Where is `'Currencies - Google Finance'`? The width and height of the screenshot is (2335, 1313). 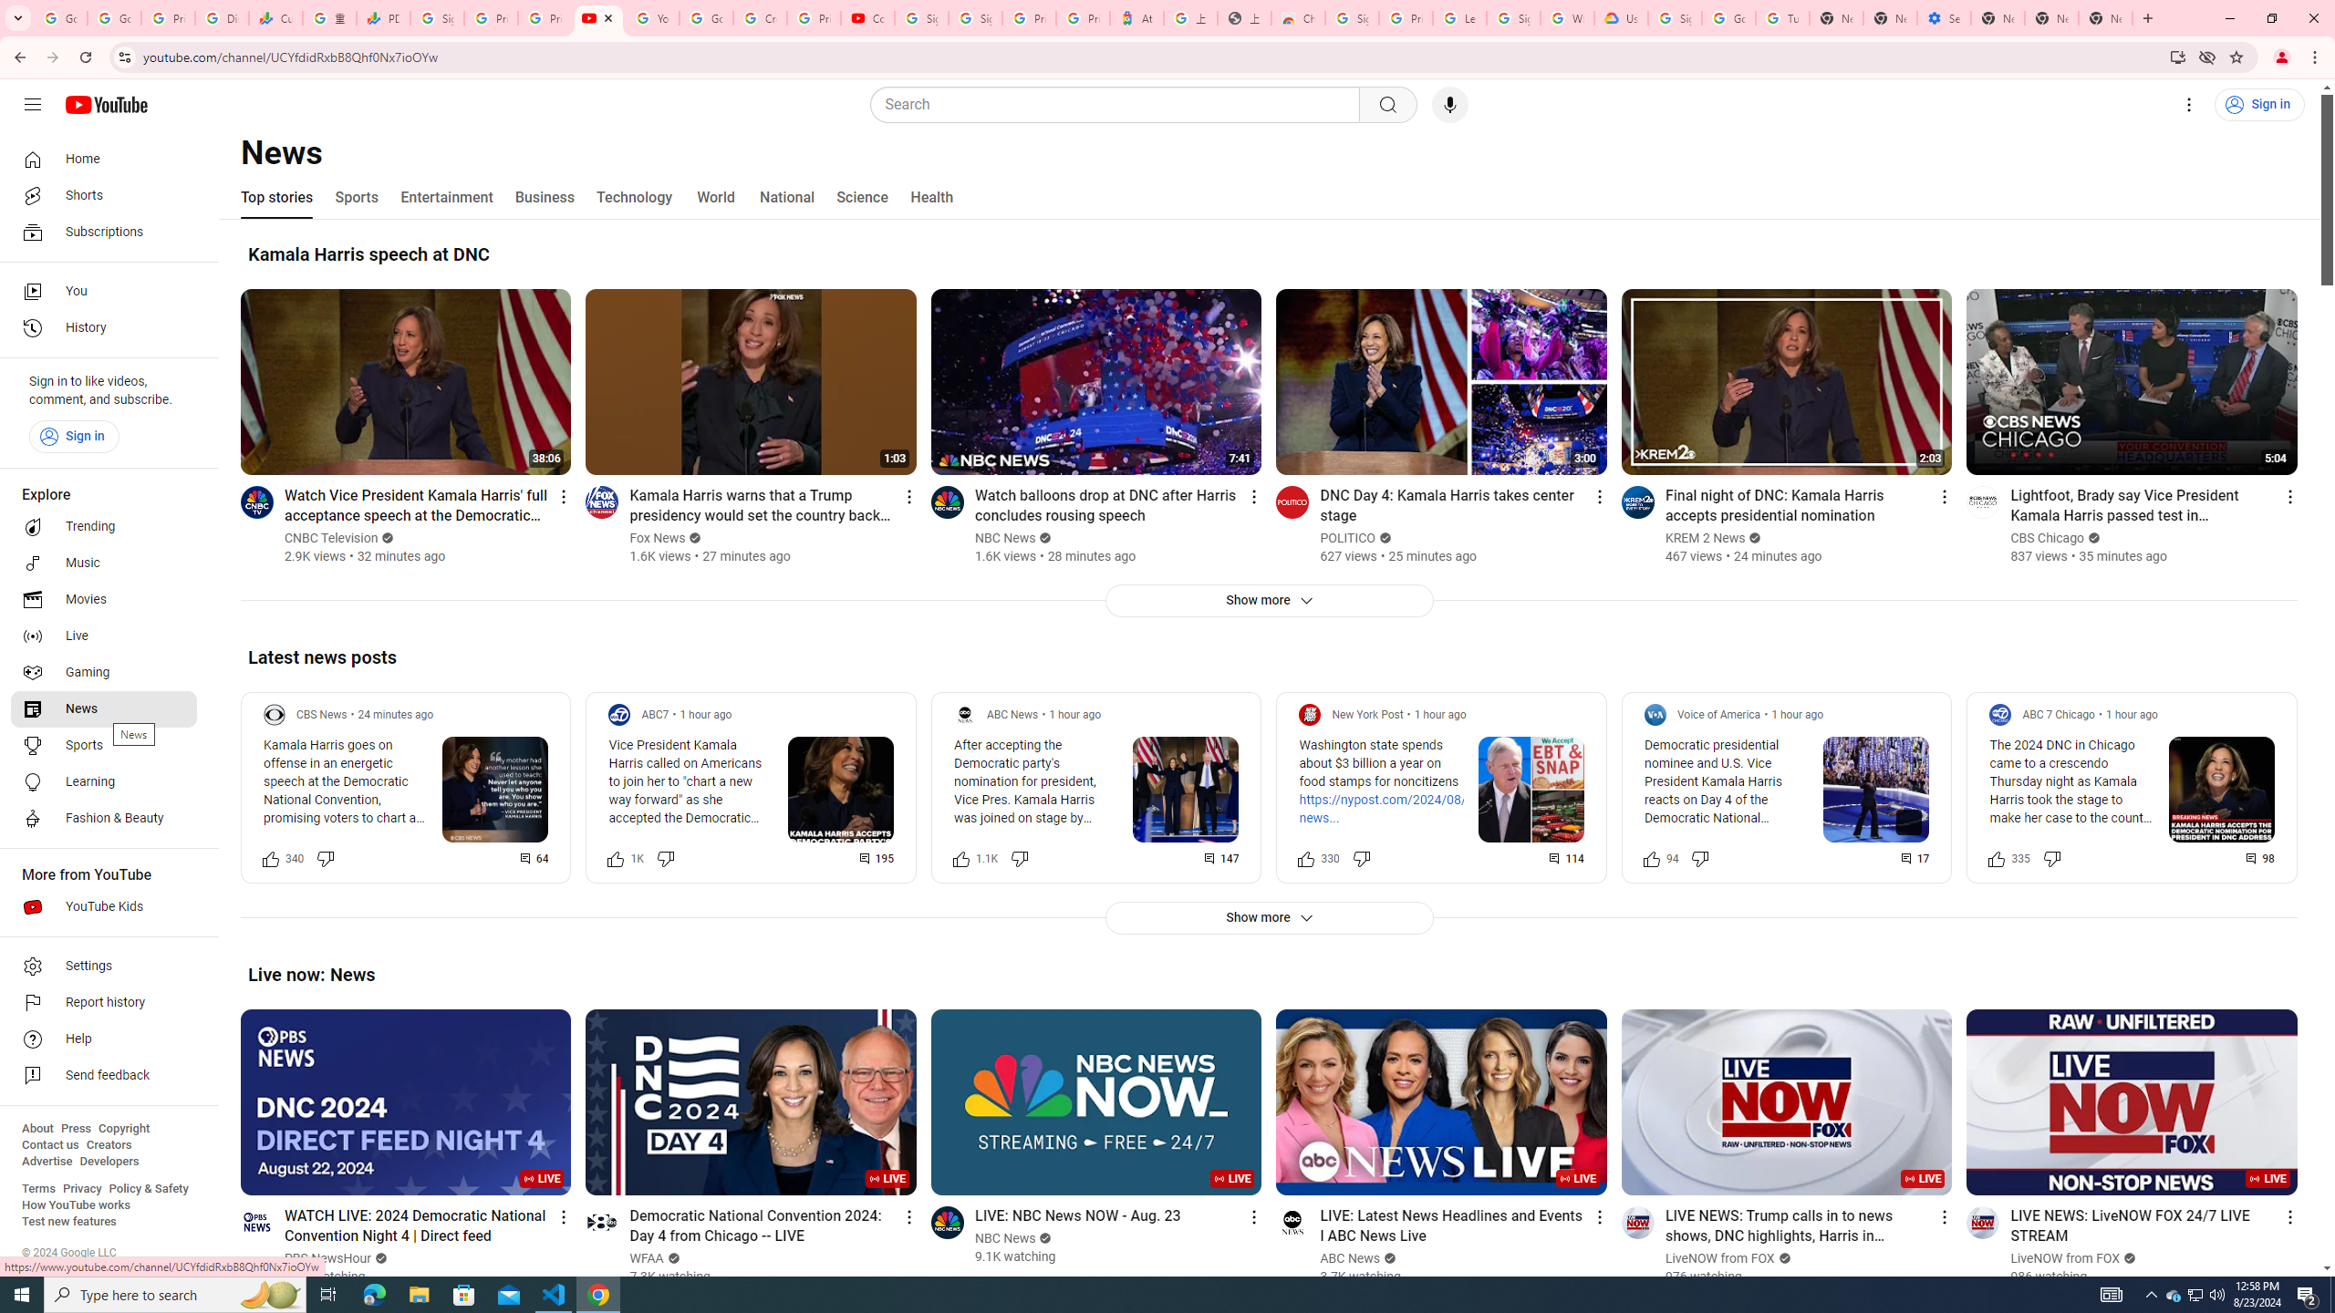 'Currencies - Google Finance' is located at coordinates (275, 17).